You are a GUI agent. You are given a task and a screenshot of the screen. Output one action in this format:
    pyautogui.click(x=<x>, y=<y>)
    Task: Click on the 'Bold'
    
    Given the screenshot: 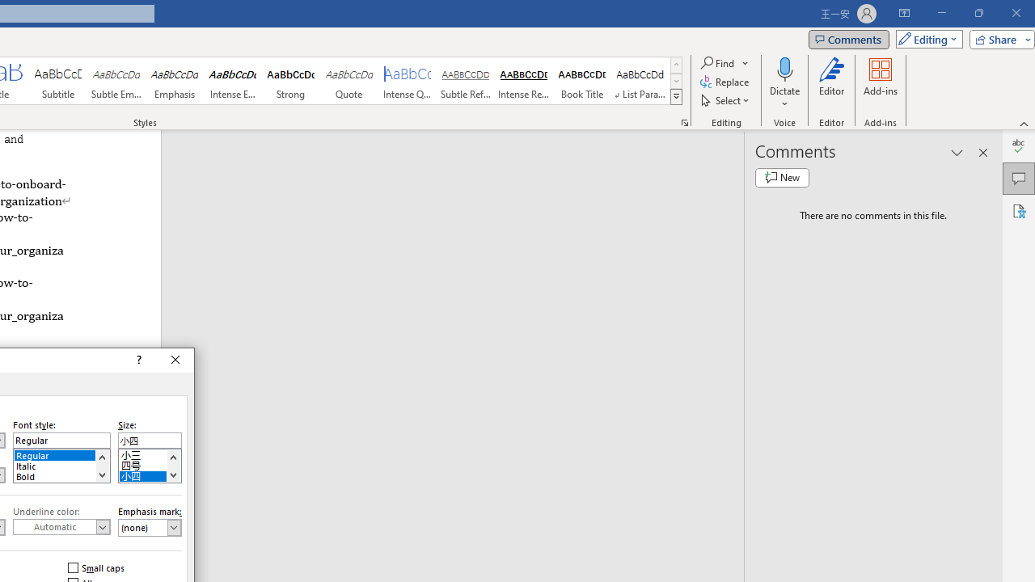 What is the action you would take?
    pyautogui.click(x=61, y=474)
    